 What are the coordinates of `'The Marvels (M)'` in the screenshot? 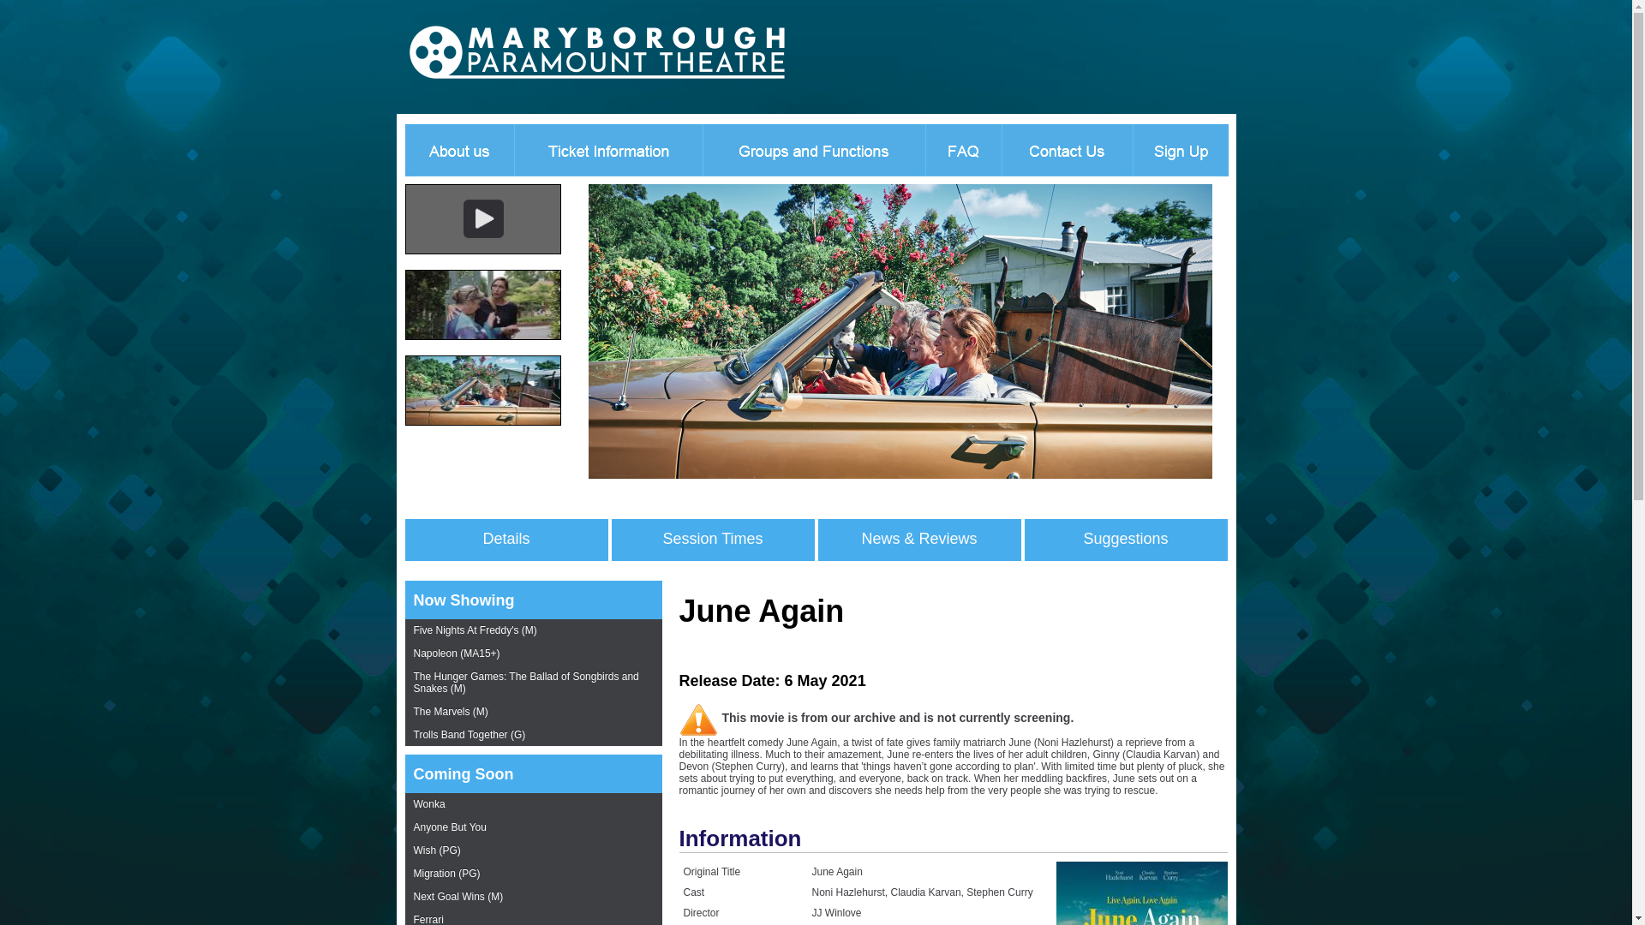 It's located at (532, 712).